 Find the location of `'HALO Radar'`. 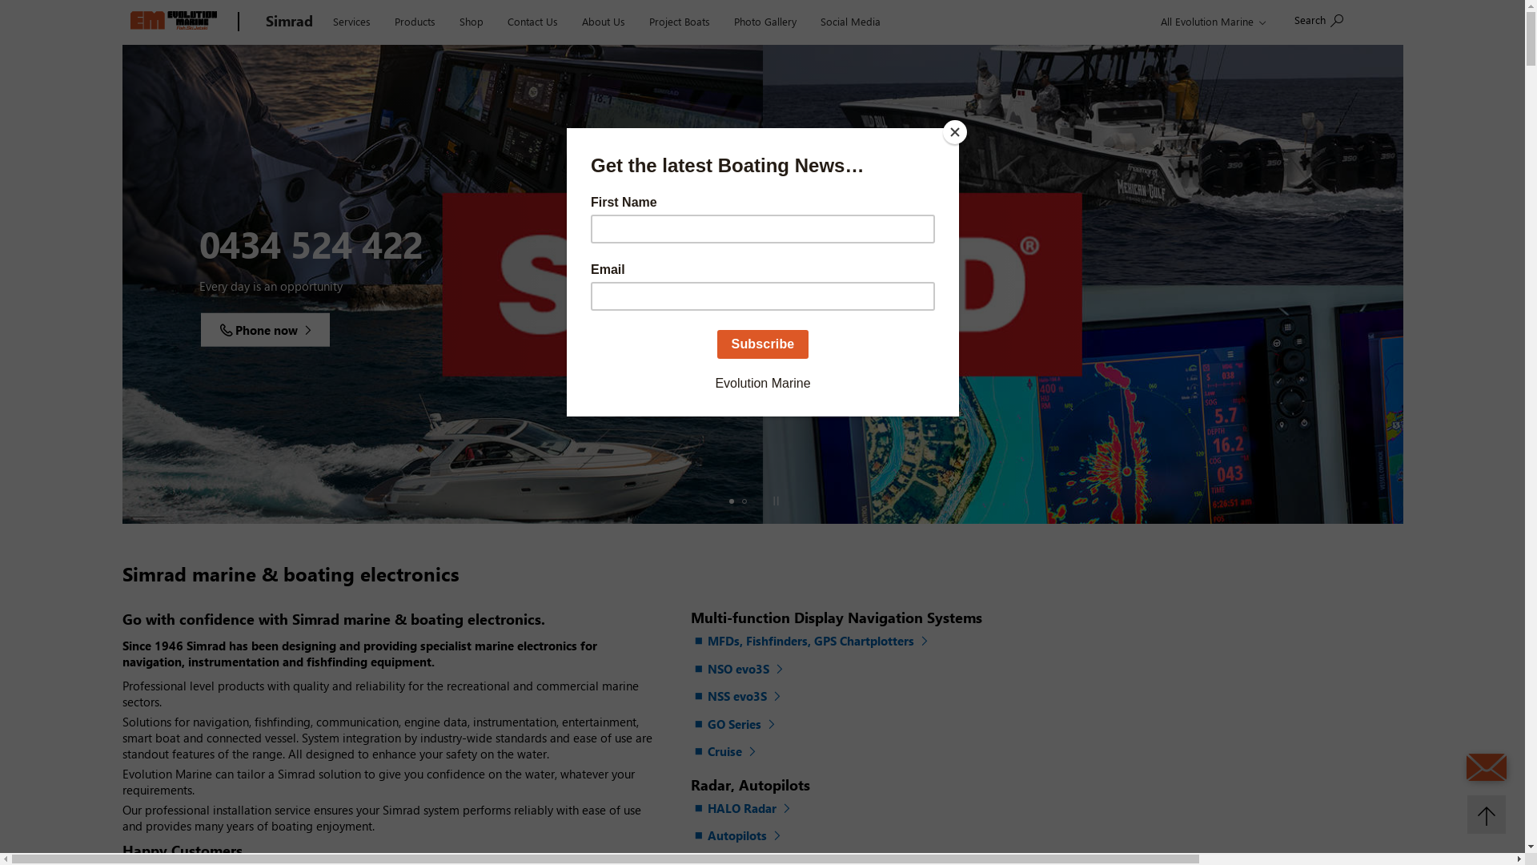

'HALO Radar' is located at coordinates (741, 809).